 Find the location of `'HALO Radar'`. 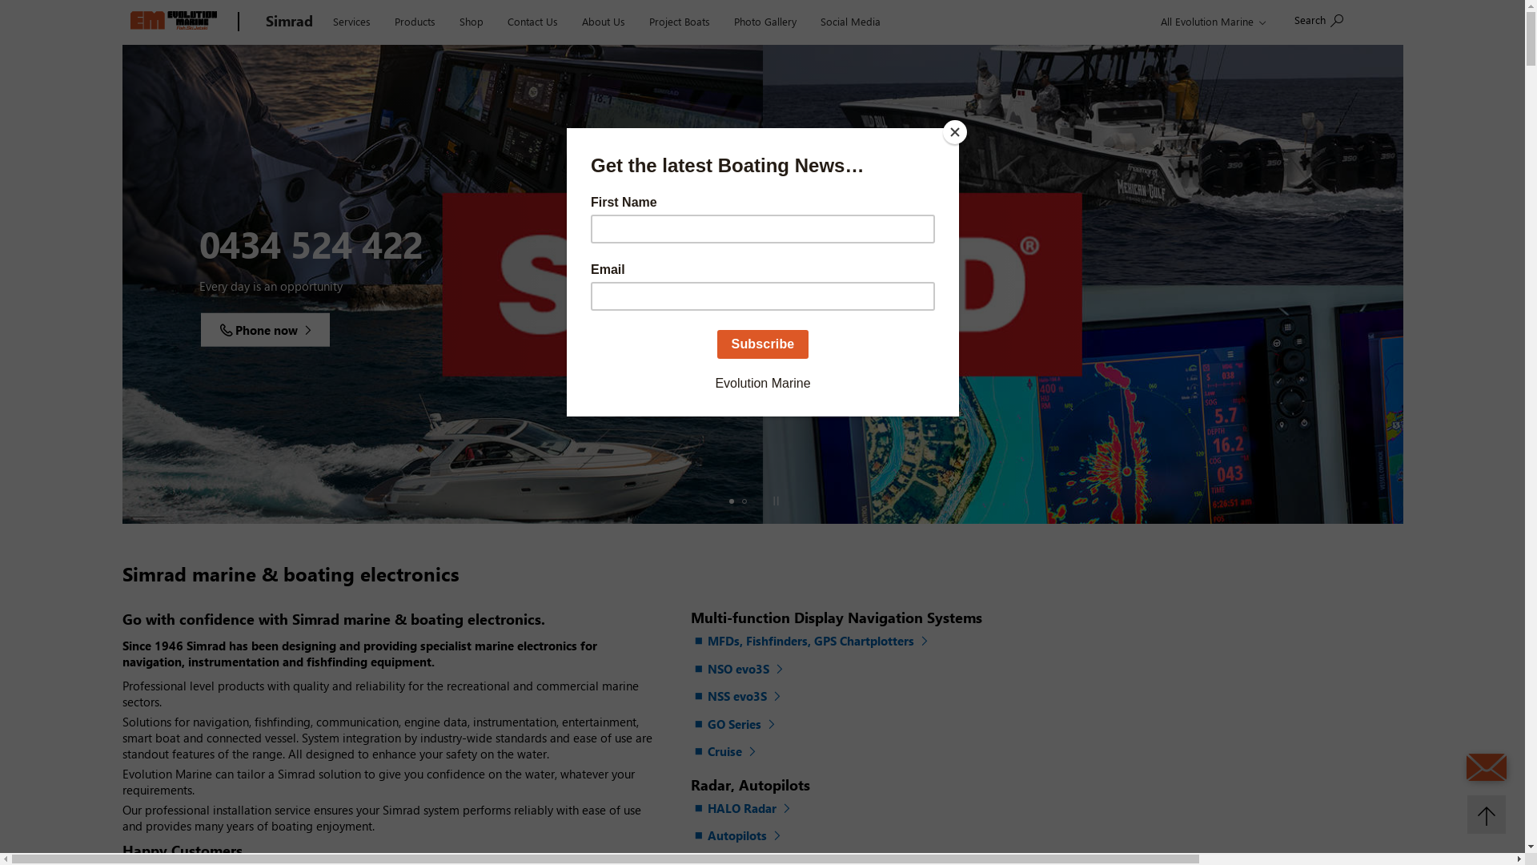

'HALO Radar' is located at coordinates (741, 809).